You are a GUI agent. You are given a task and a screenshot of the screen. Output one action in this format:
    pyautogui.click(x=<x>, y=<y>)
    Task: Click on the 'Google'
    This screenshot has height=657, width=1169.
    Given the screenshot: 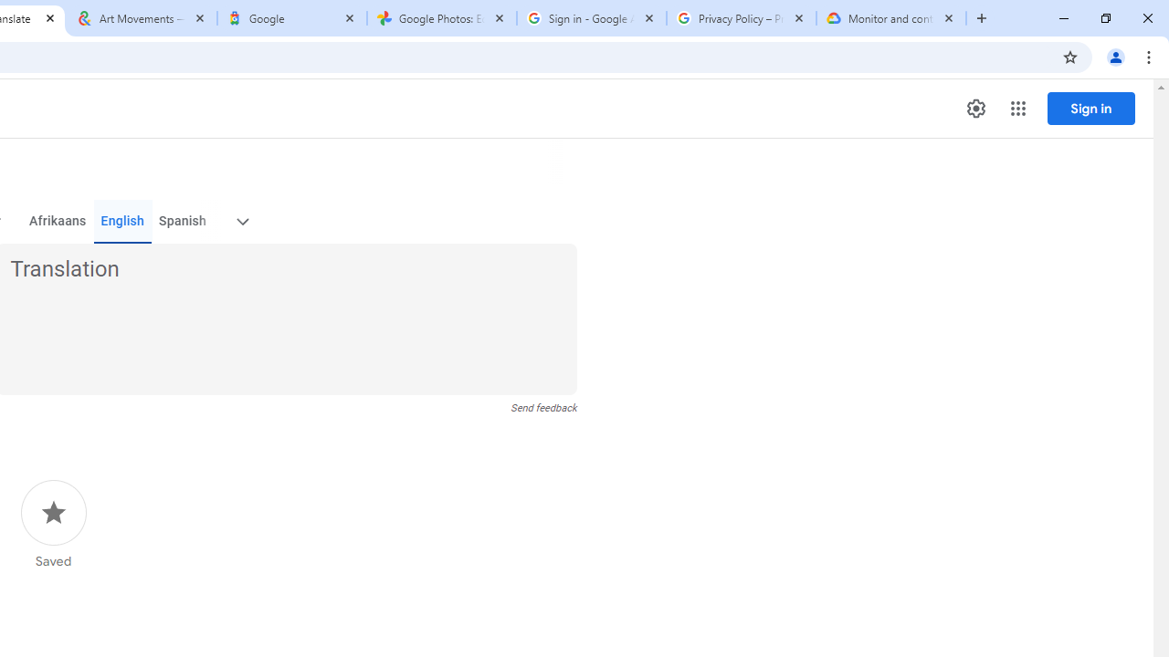 What is the action you would take?
    pyautogui.click(x=292, y=18)
    